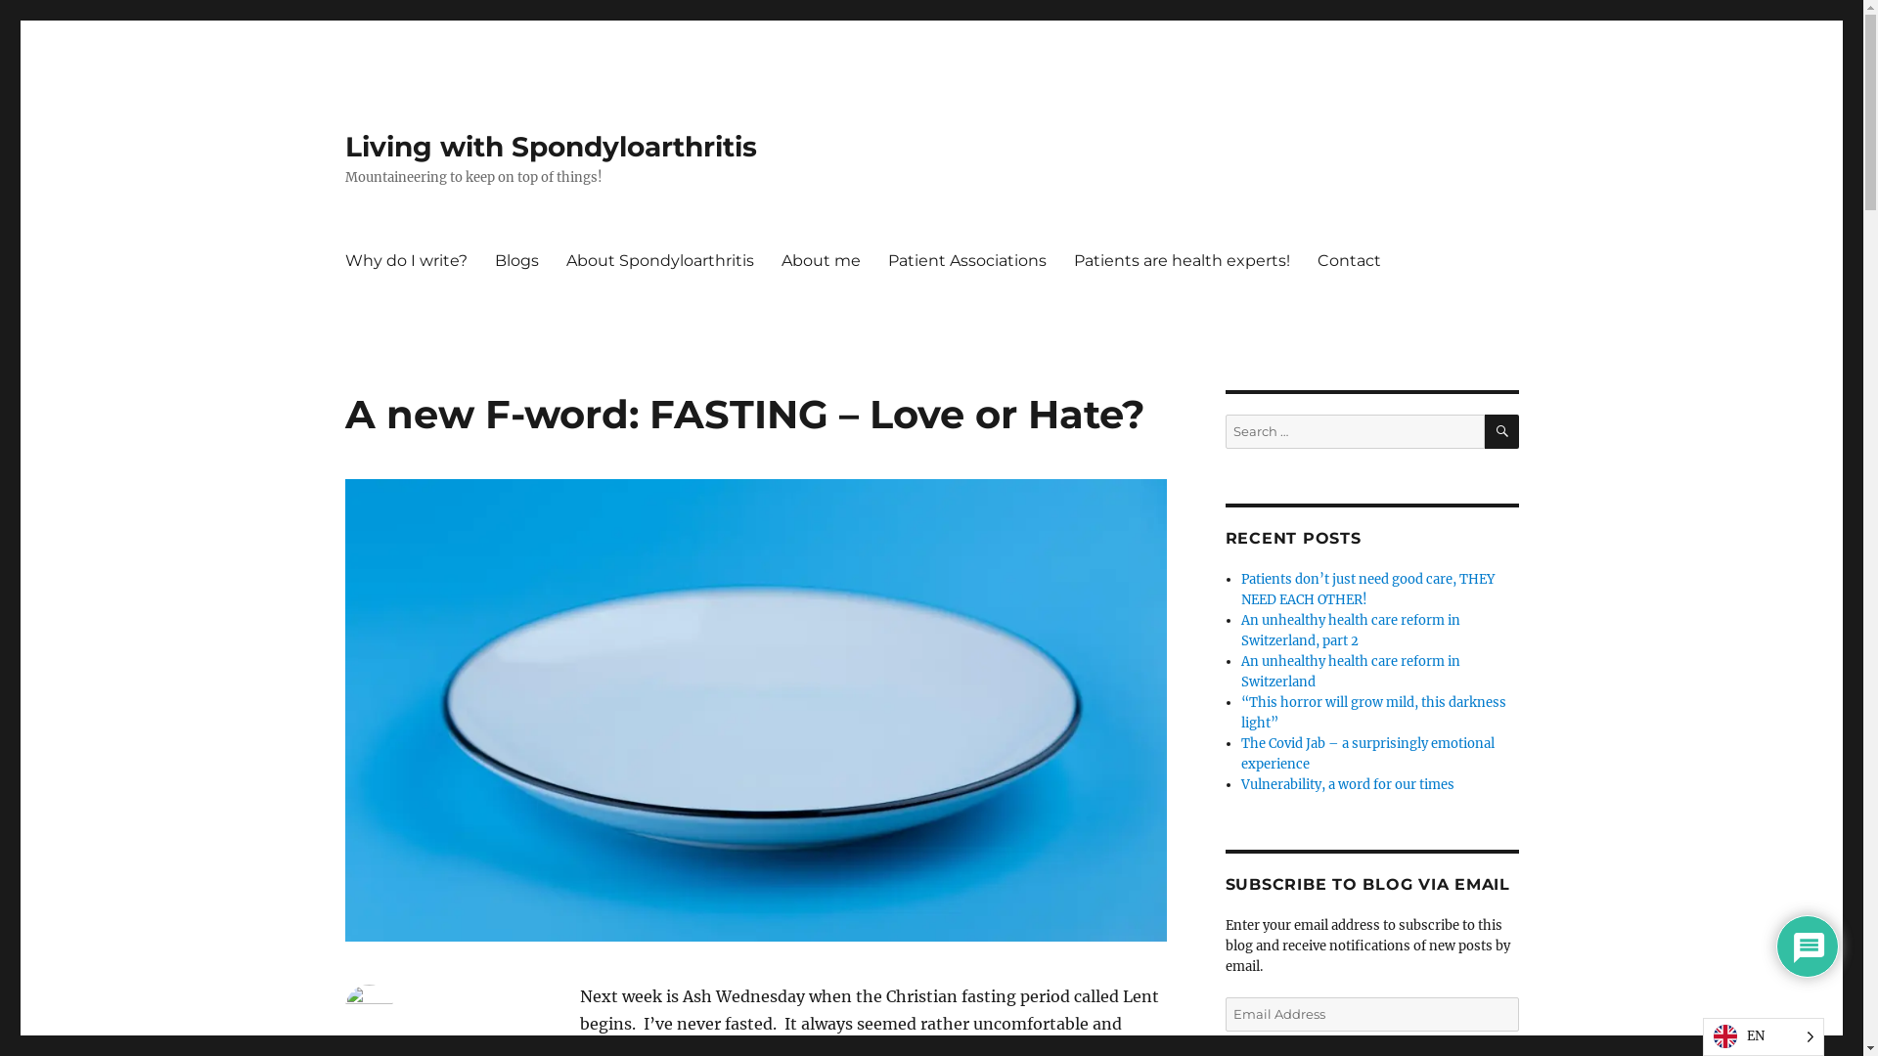 This screenshot has height=1056, width=1878. Describe the element at coordinates (1302, 259) in the screenshot. I see `'Contact'` at that location.